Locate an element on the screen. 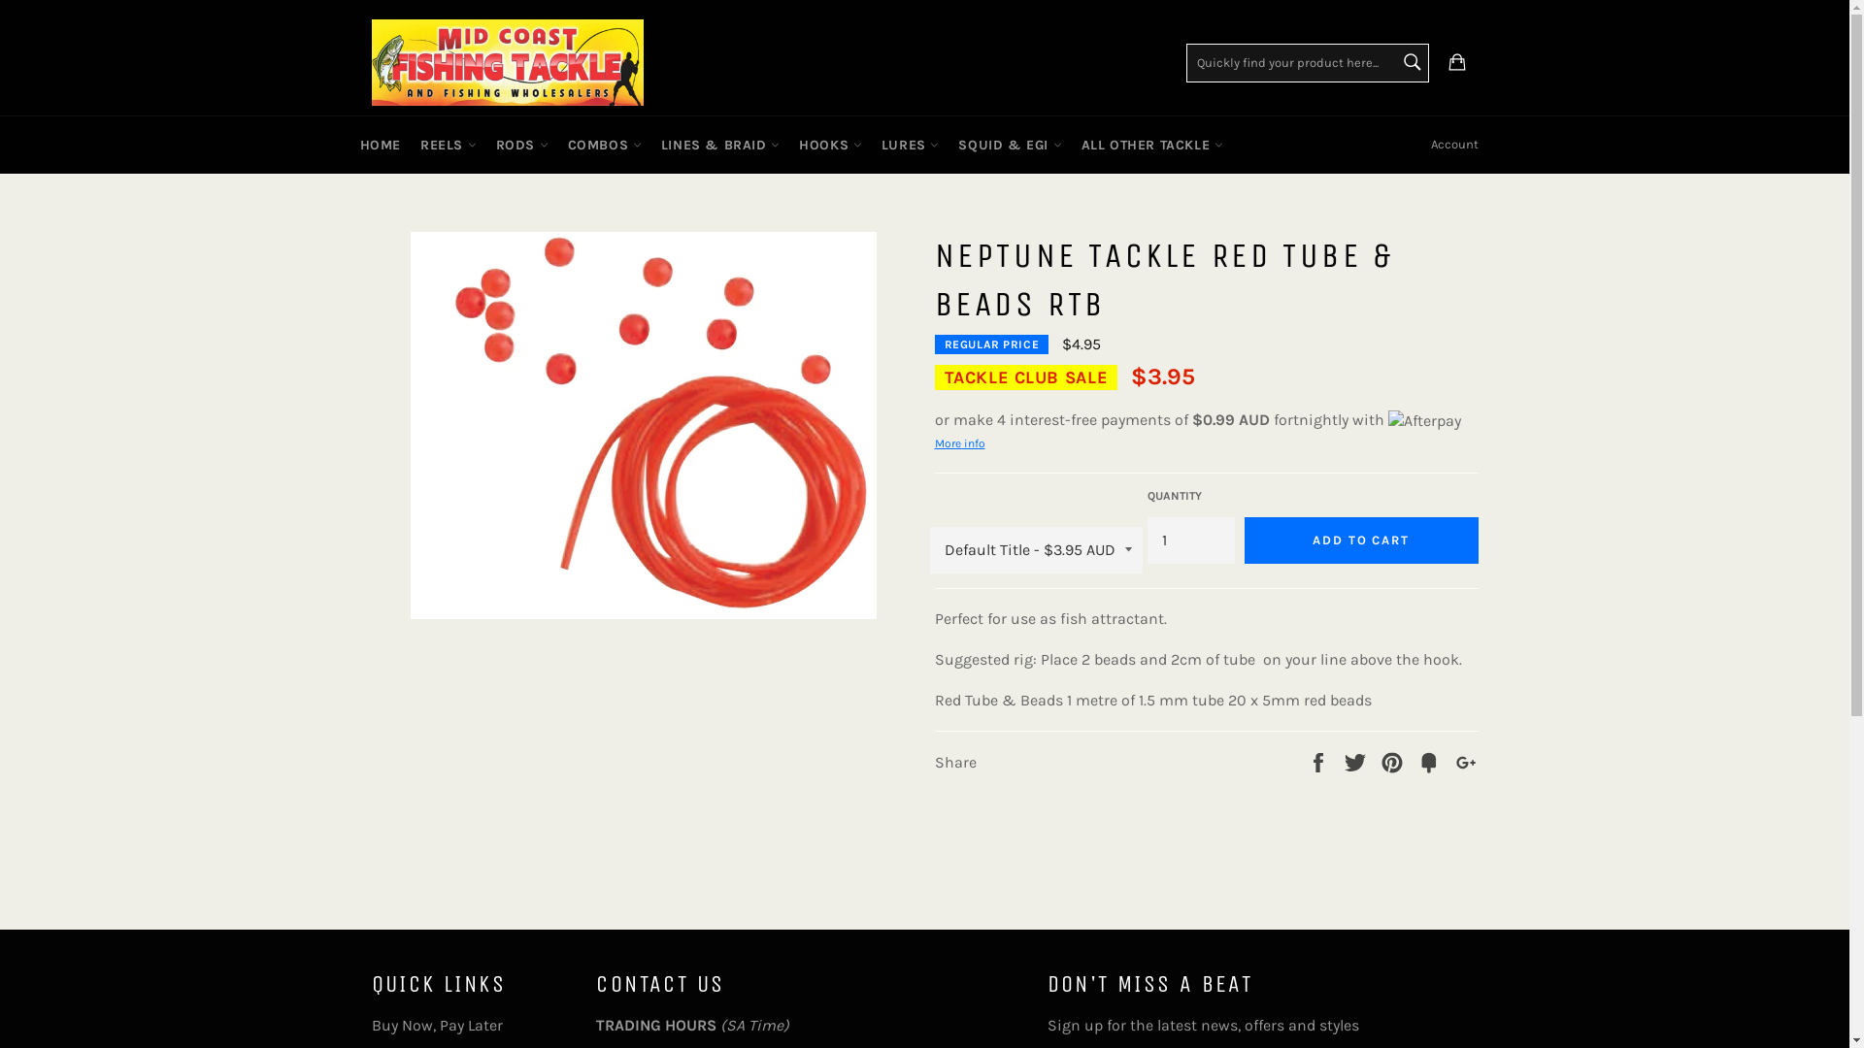 This screenshot has height=1048, width=1864. '+1' is located at coordinates (1466, 760).